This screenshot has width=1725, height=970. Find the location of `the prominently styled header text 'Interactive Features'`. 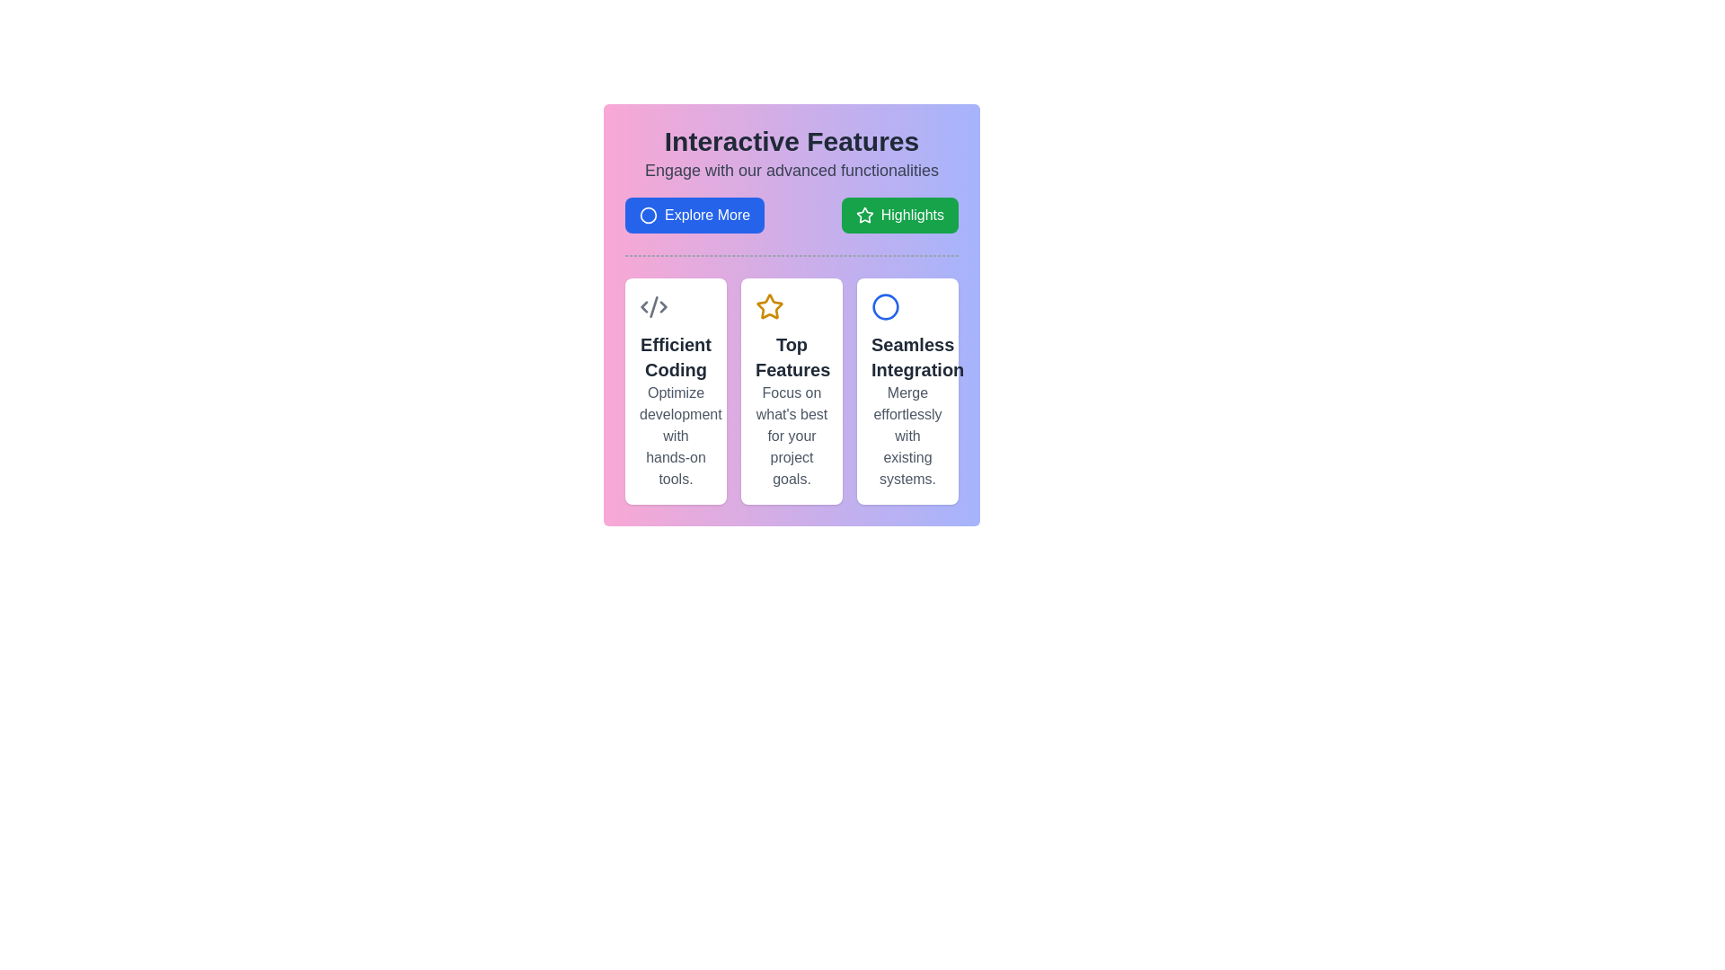

the prominently styled header text 'Interactive Features' is located at coordinates (791, 141).